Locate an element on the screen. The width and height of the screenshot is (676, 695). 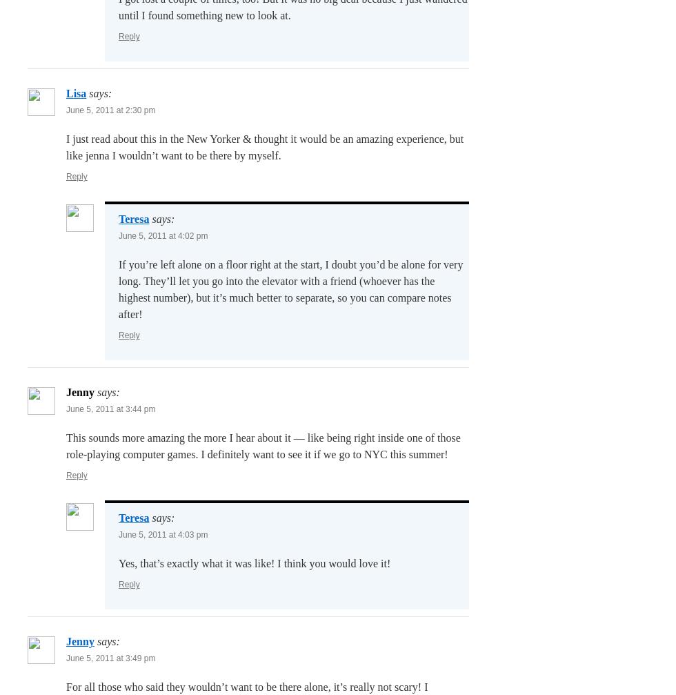
'June 5, 2011 at 3:44 pm' is located at coordinates (110, 409).